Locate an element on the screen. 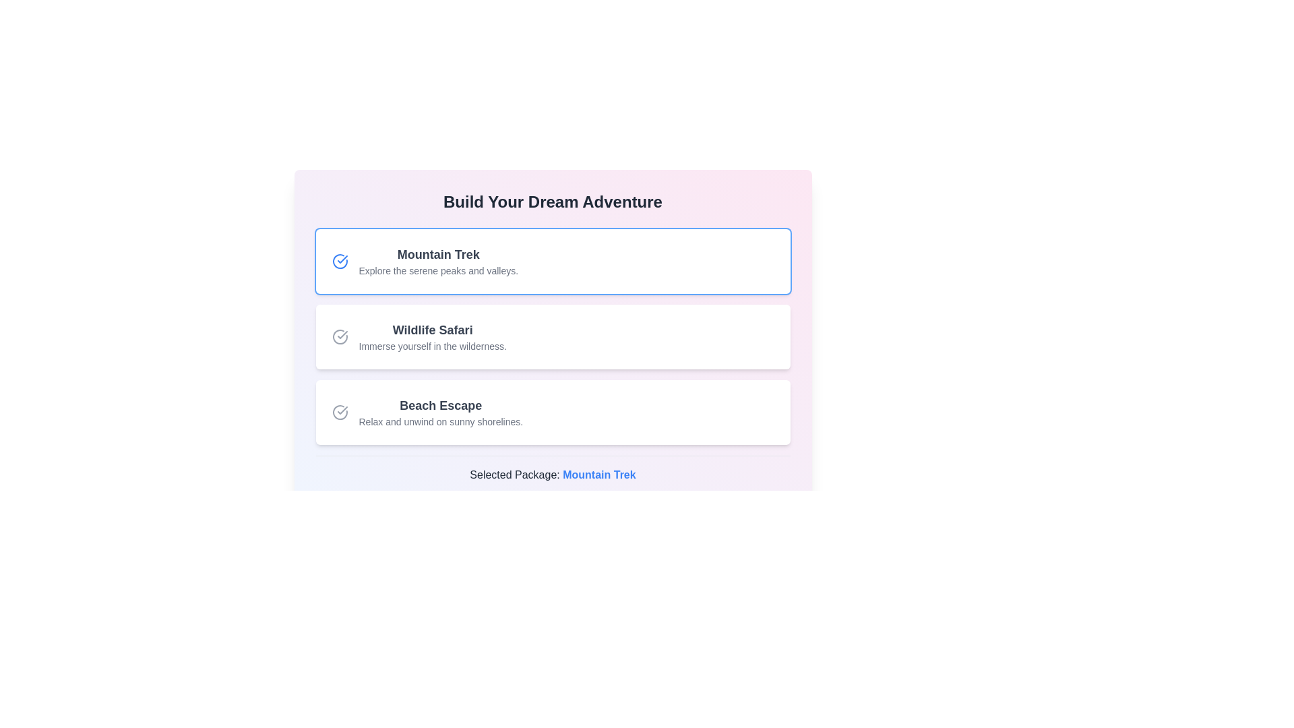 The image size is (1294, 728). the SVG Icon located in the top-left corner of the 'Wildlife Safari' card, which serves as an indicator for selection or status is located at coordinates (340, 336).